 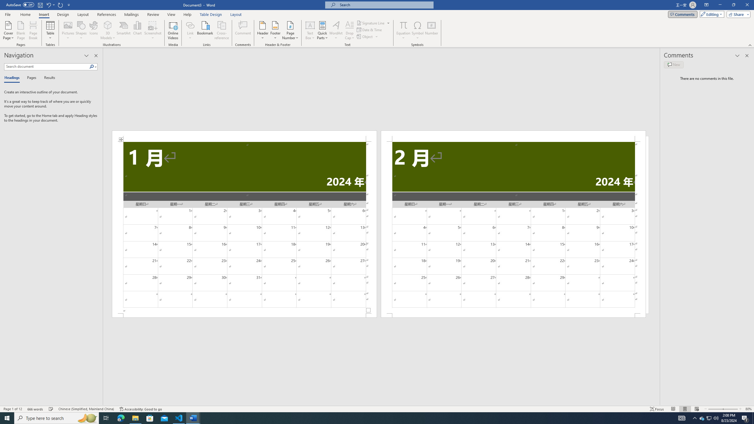 I want to click on 'Drop Cap', so click(x=349, y=30).